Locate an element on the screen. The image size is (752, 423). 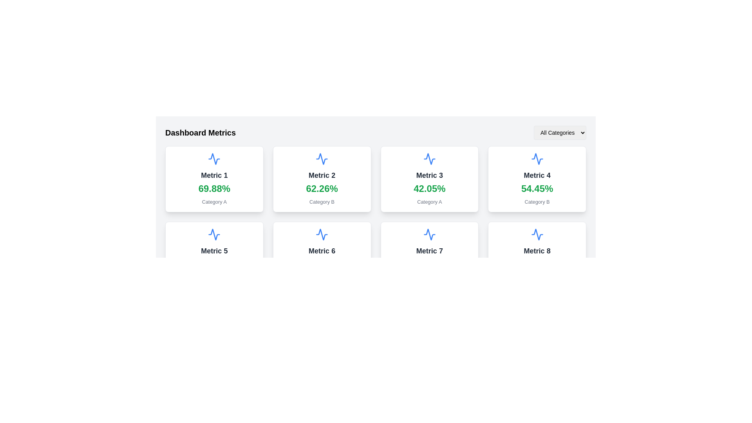
the text label displaying the numerical and percentage value for the monitoring metric located in the third card from the left in the first row, below 'Metric 3' and above 'Category A' is located at coordinates (429, 189).